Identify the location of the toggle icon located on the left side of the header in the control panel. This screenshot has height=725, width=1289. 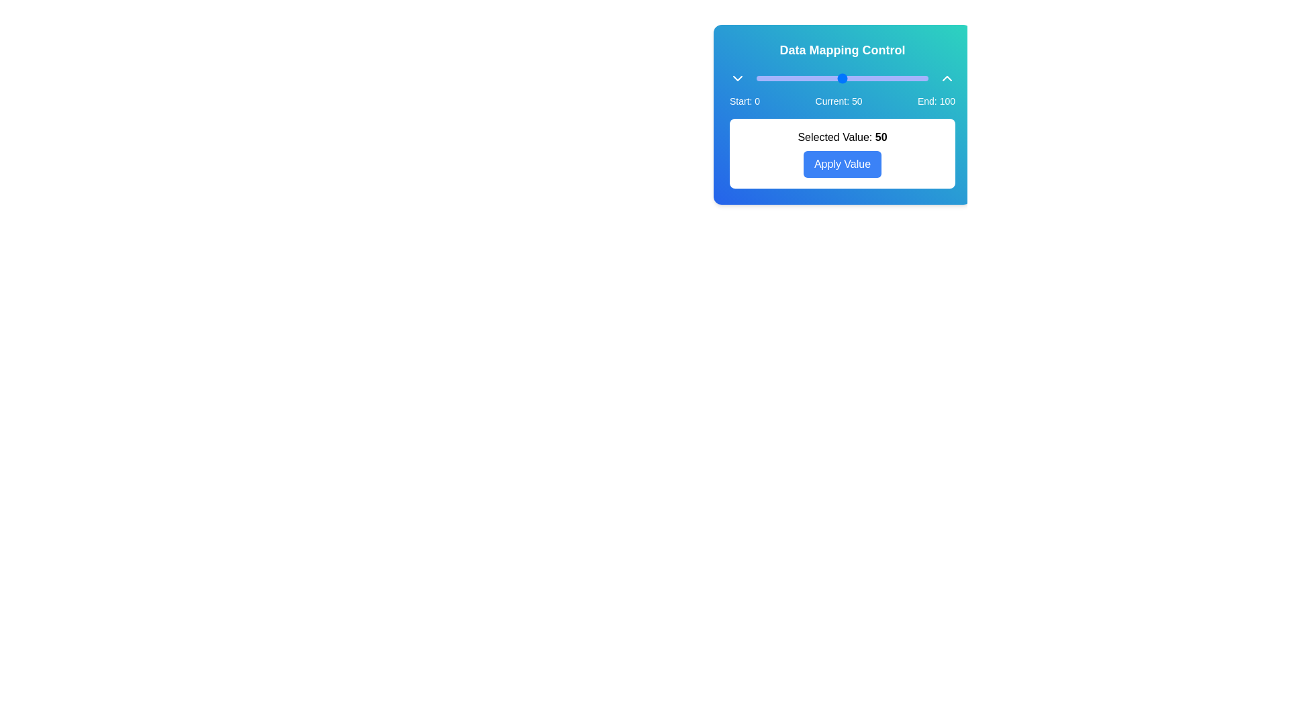
(737, 78).